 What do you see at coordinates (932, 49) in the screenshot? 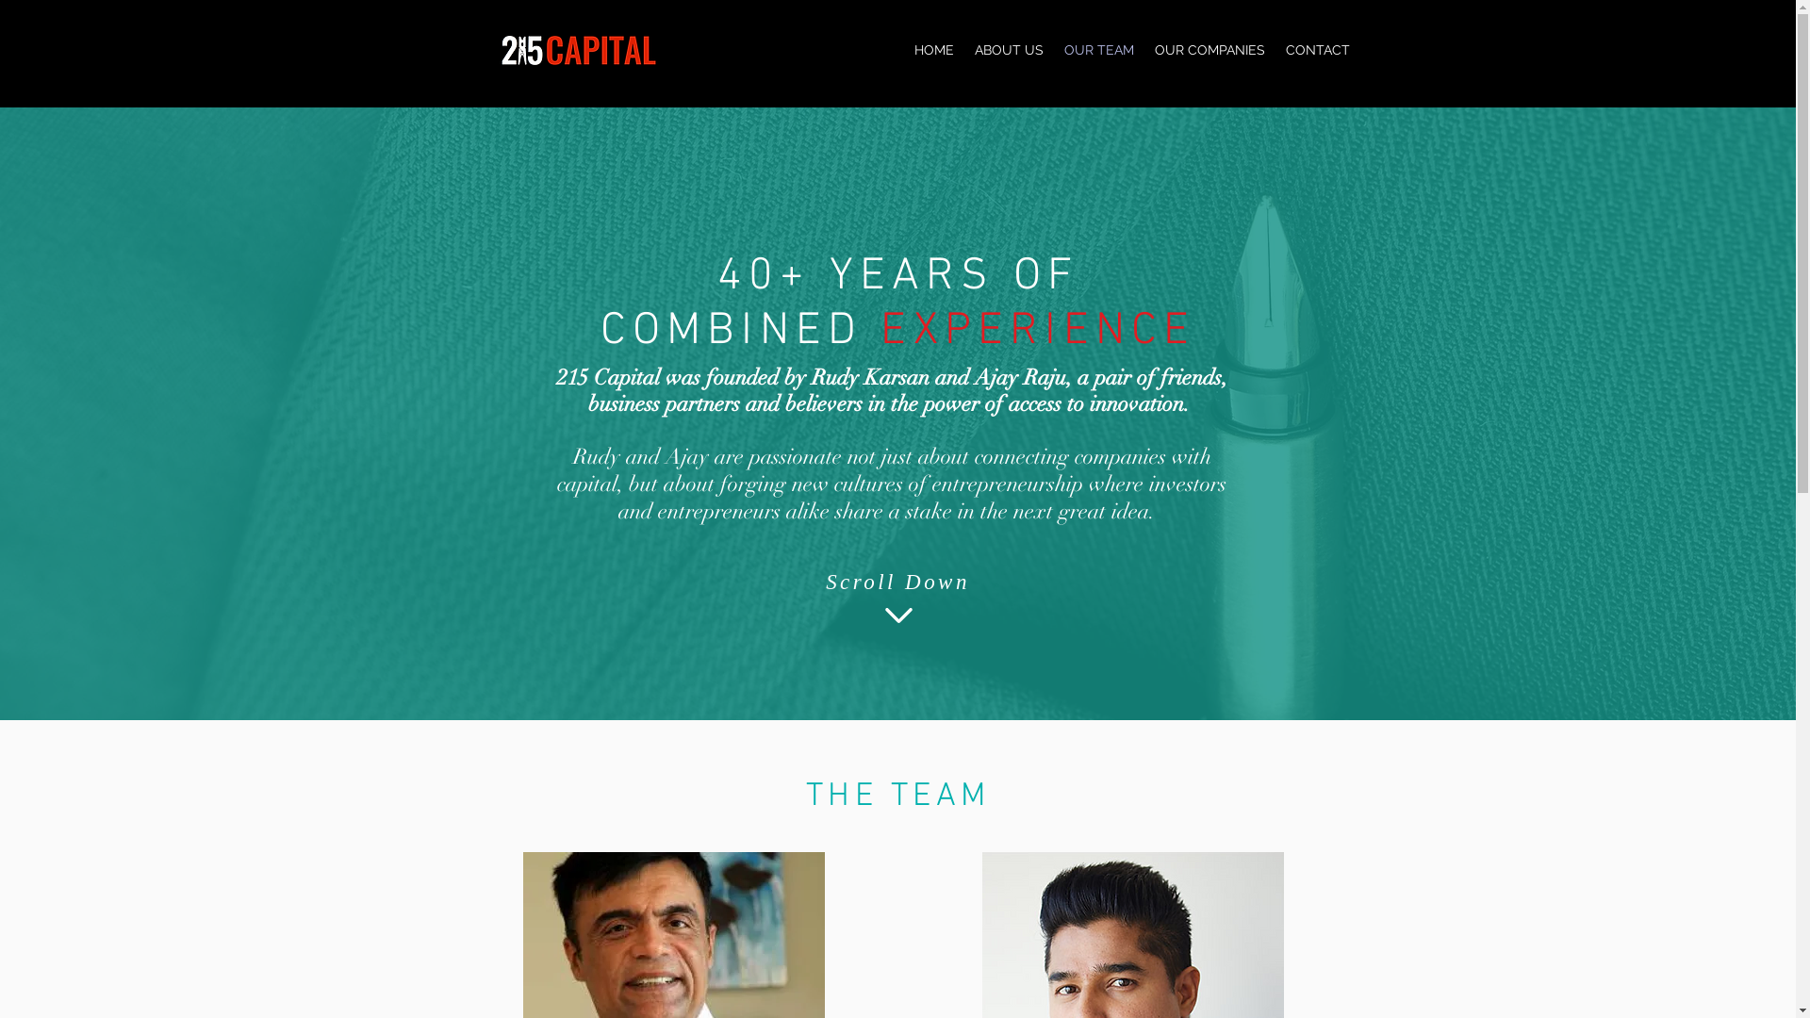
I see `'HOME'` at bounding box center [932, 49].